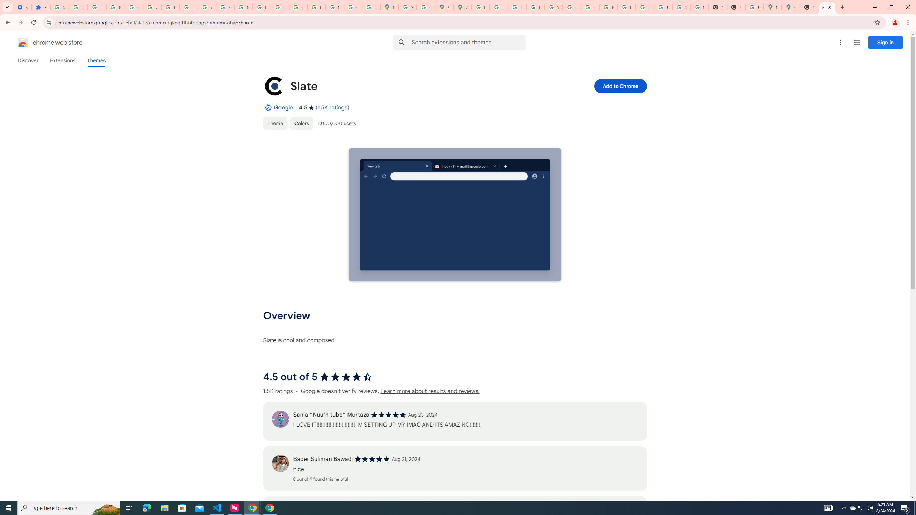 The width and height of the screenshot is (916, 515). I want to click on 'Policy Accountability and Transparency - Transparency Center', so click(480, 7).